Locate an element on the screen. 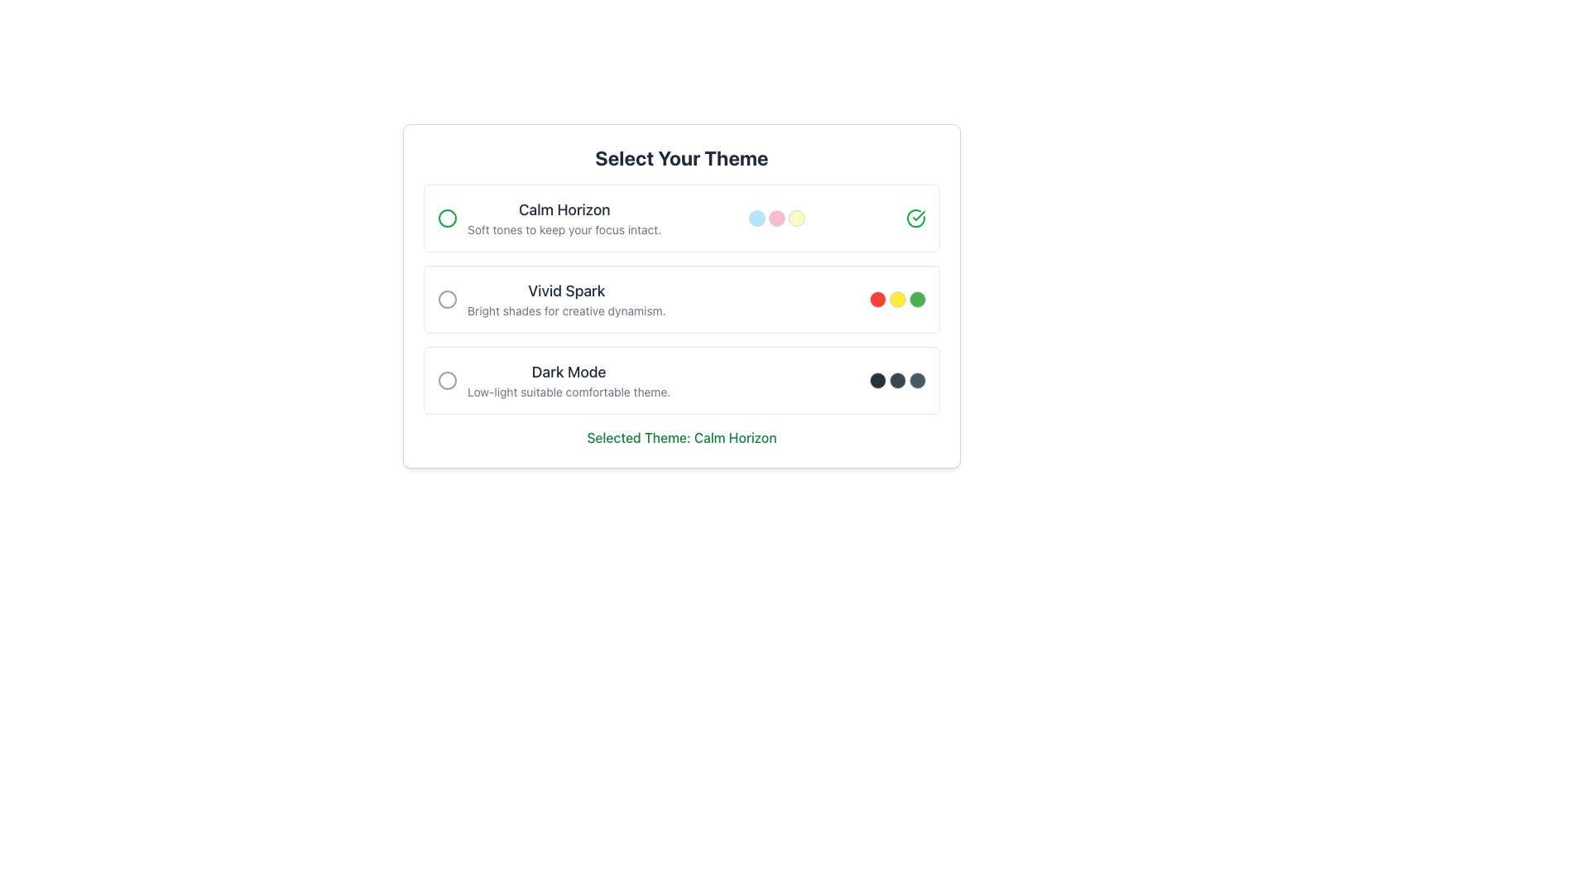 This screenshot has height=894, width=1589. the small circular UI component with a soft pink background and gray border, positioned next to the text 'Calm Horizon' in the 'Select Your Theme' section is located at coordinates (776, 217).